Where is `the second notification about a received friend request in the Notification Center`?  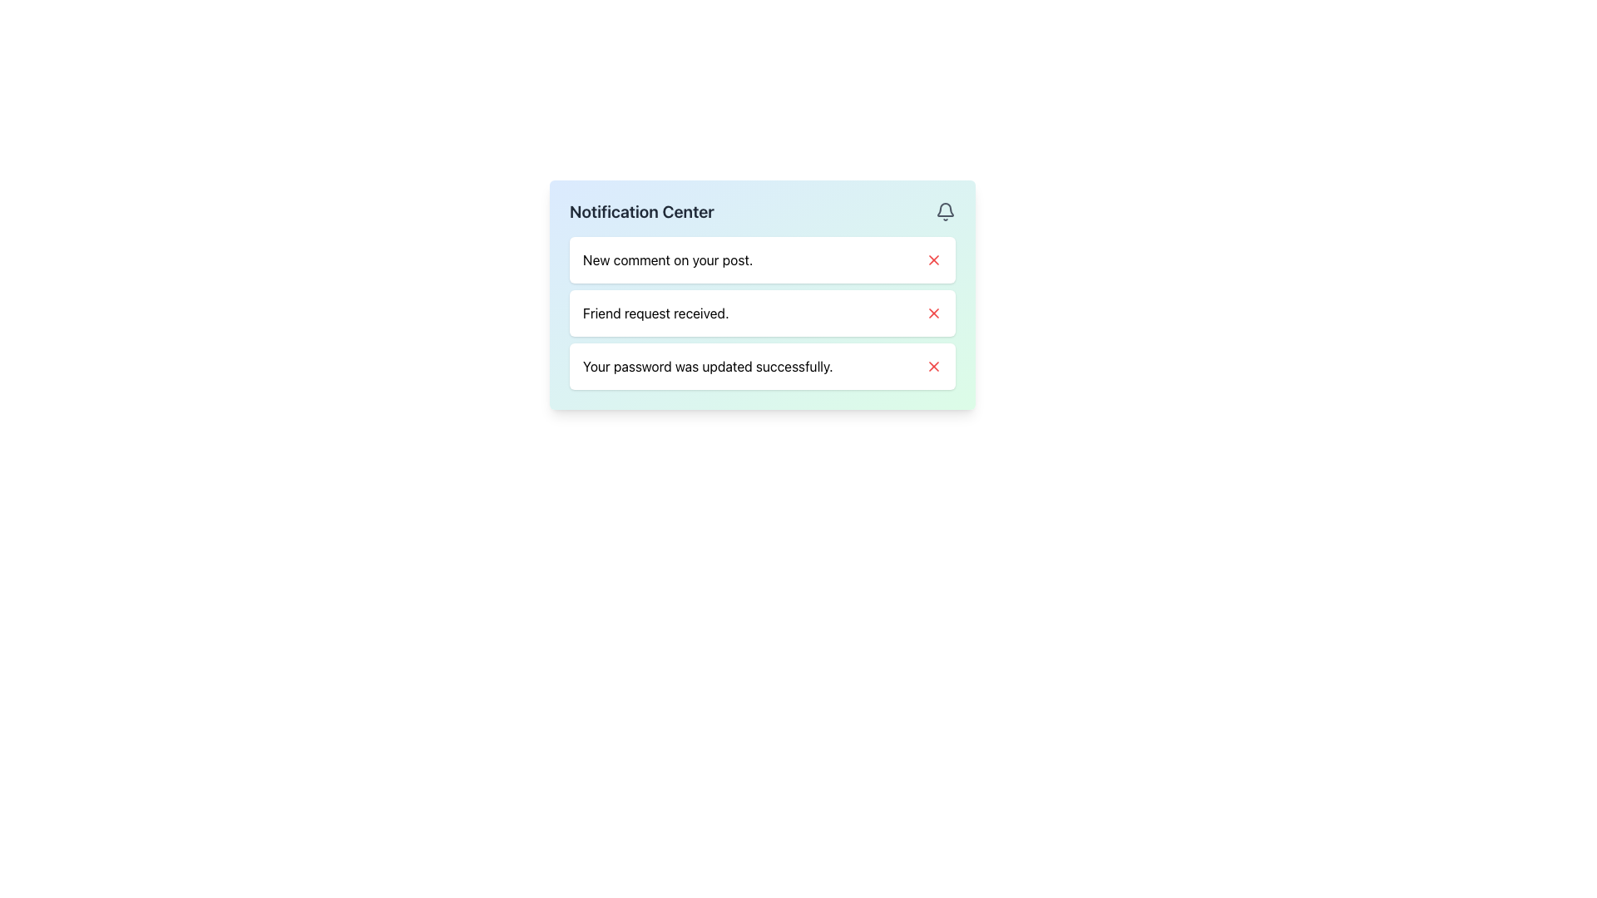
the second notification about a received friend request in the Notification Center is located at coordinates (761, 294).